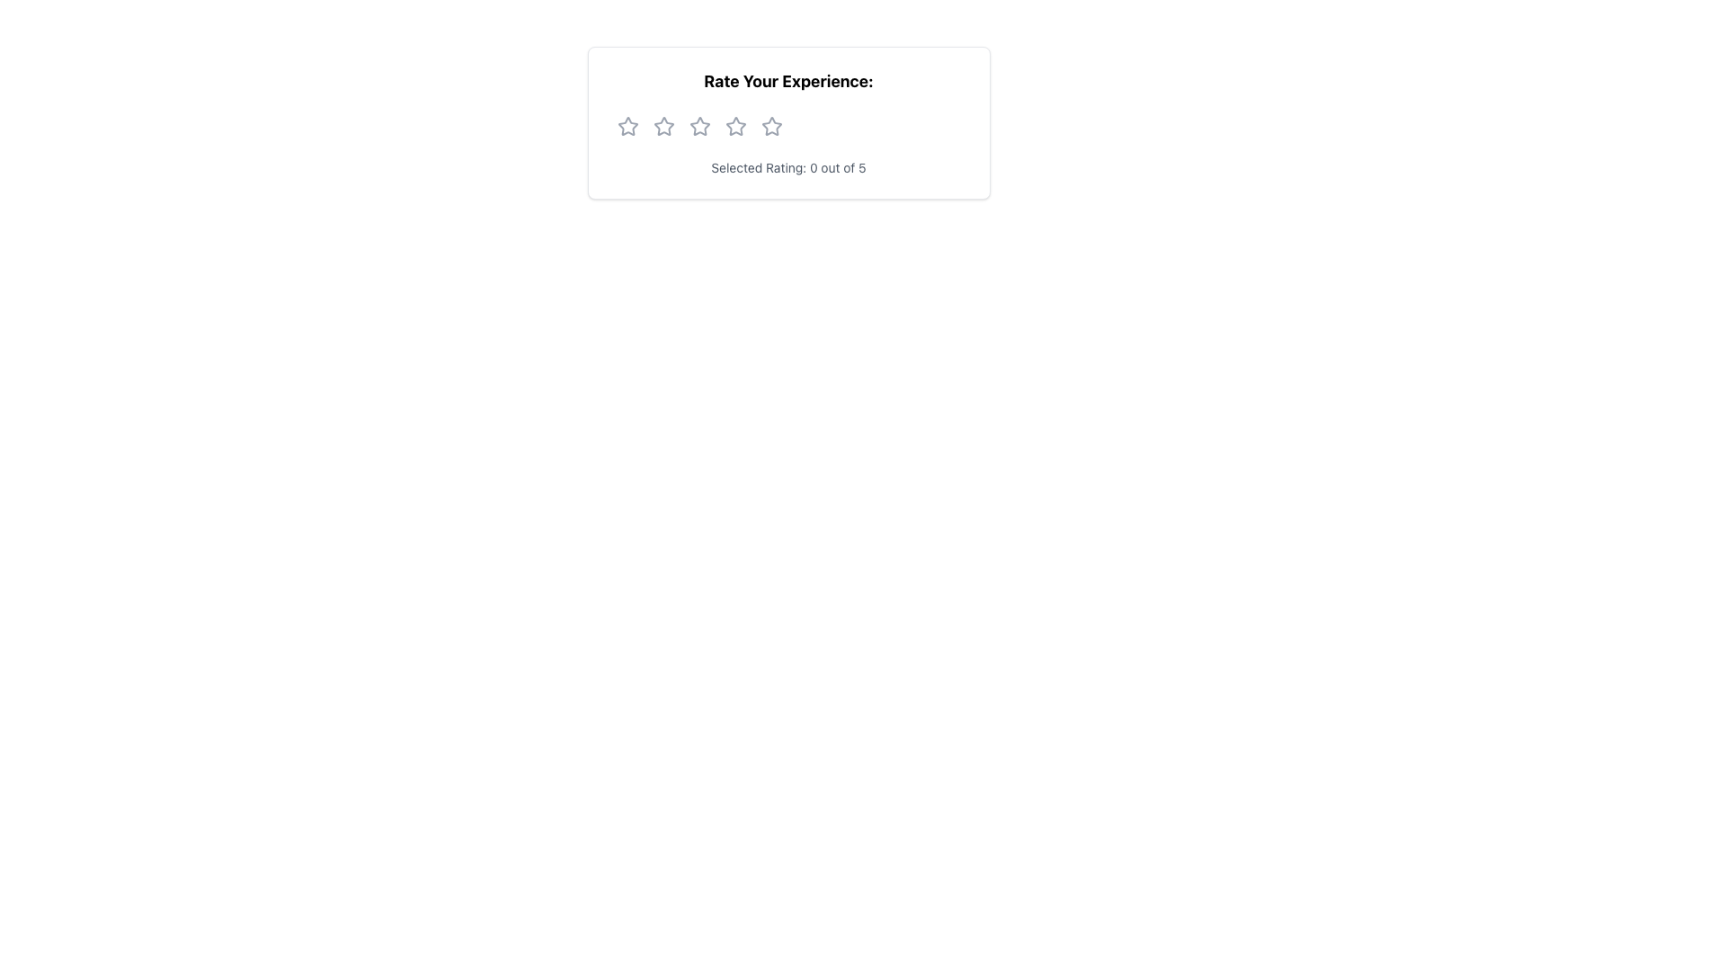 The image size is (1726, 971). What do you see at coordinates (788, 82) in the screenshot?
I see `the bold black text 'Rate Your Experience:' located at the top of a white card` at bounding box center [788, 82].